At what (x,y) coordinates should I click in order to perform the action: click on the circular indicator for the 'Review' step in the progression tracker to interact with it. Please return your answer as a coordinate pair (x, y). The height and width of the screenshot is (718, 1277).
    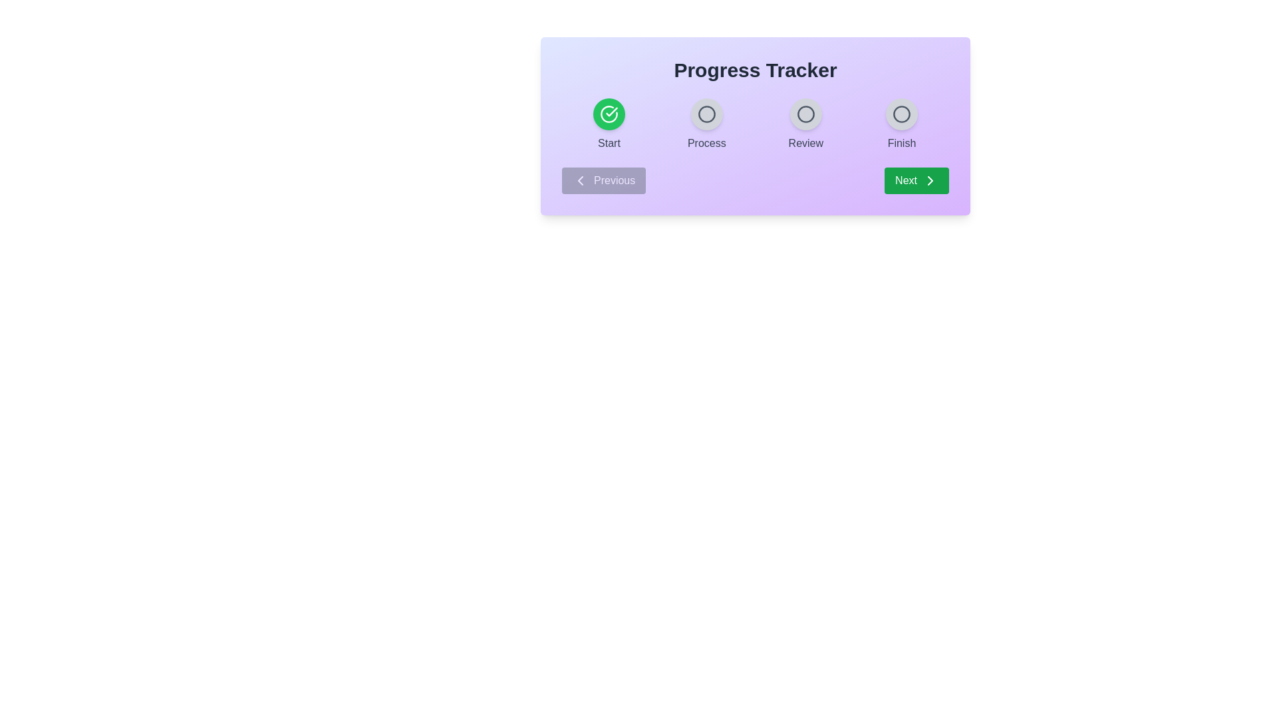
    Looking at the image, I should click on (805, 114).